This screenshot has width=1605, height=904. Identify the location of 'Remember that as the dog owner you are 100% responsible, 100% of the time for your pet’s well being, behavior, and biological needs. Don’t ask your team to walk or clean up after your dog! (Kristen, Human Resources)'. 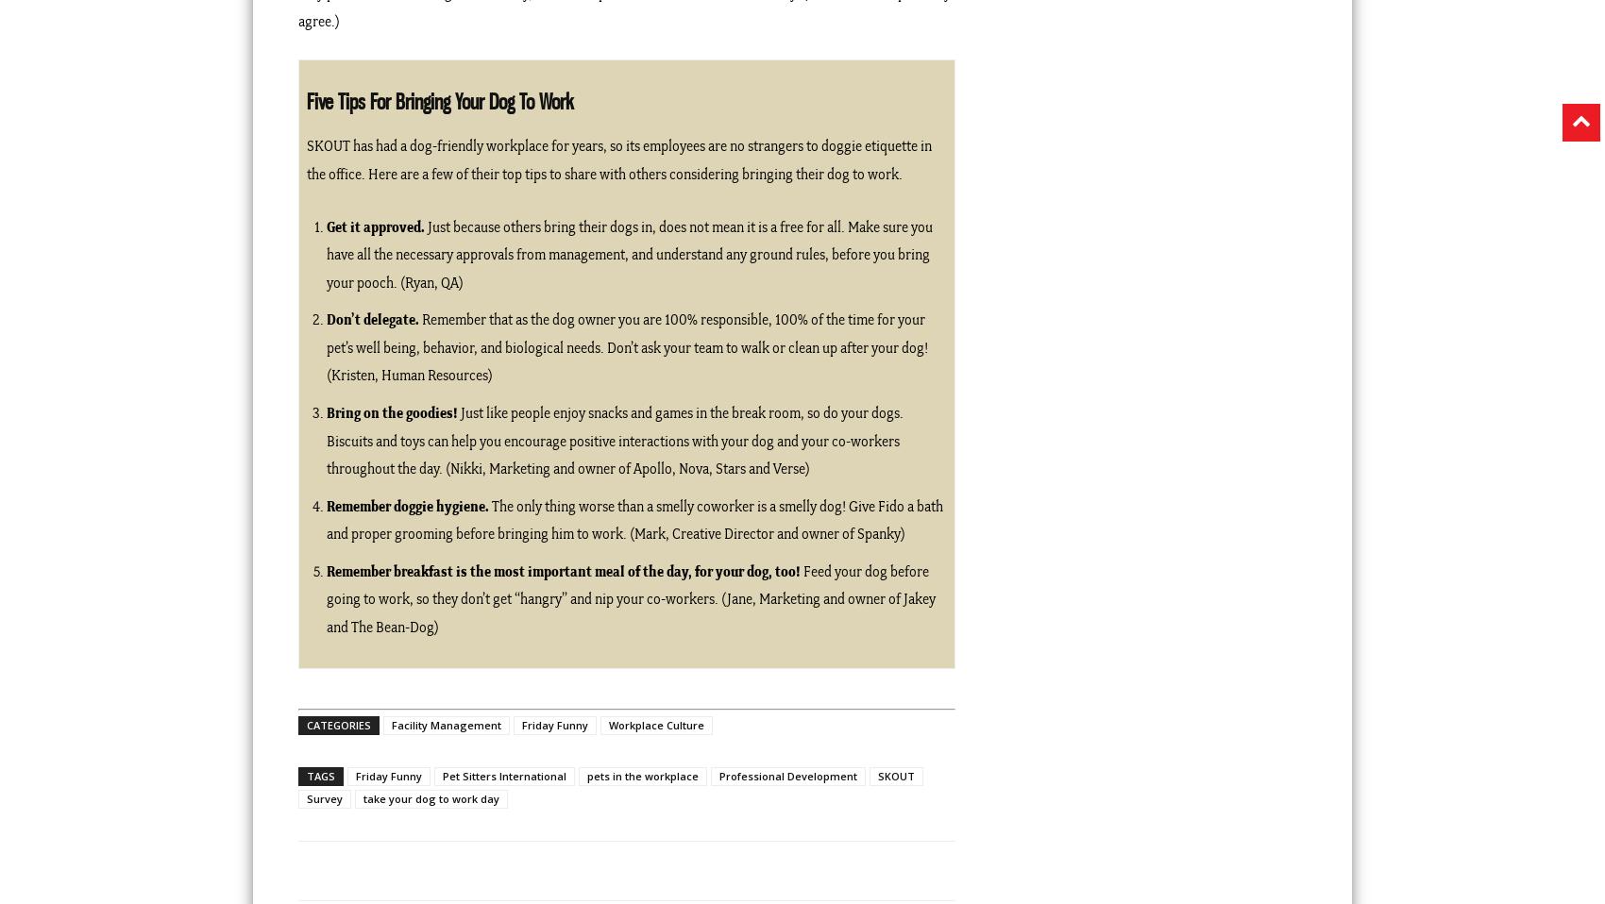
(325, 345).